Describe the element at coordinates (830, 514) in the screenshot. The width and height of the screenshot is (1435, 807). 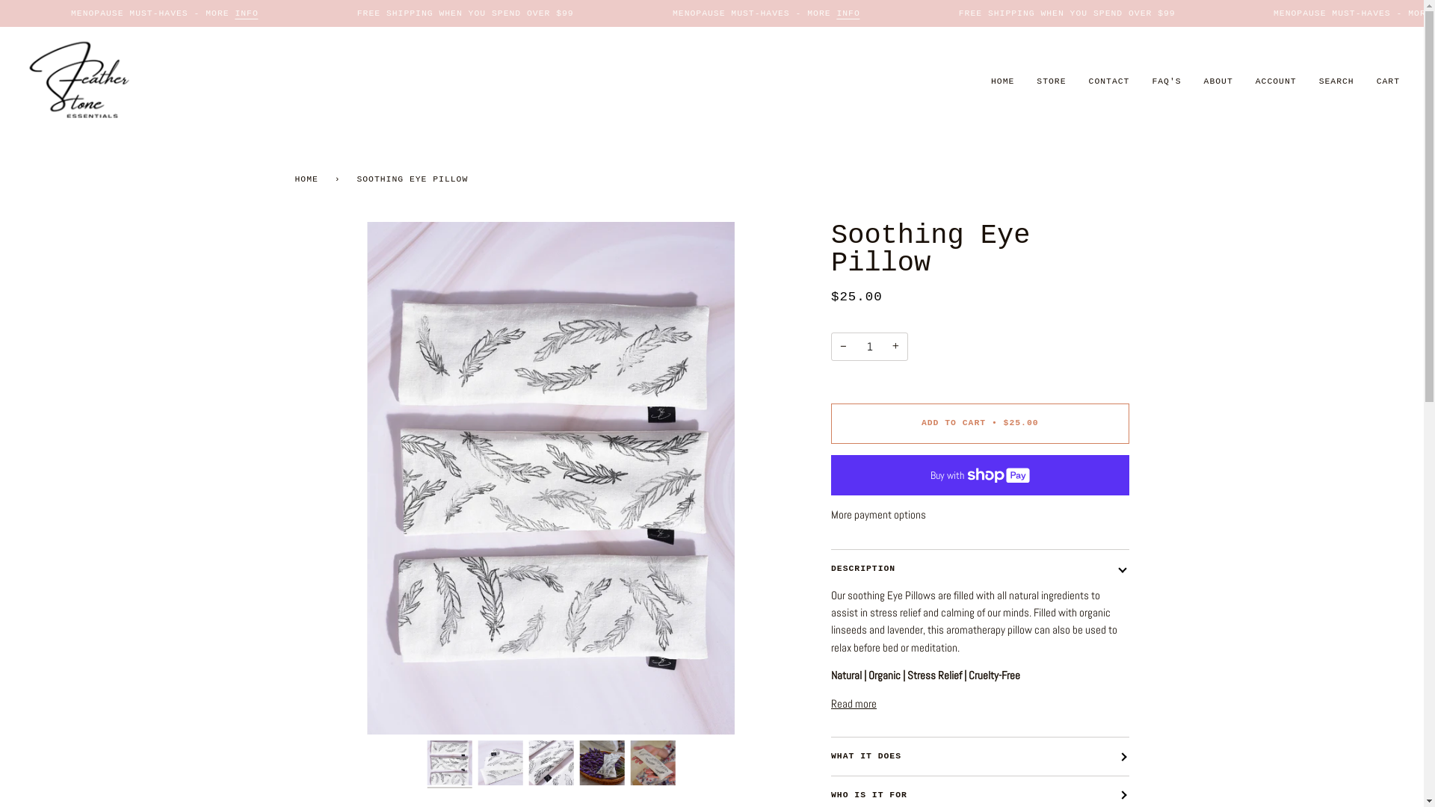
I see `'More payment options'` at that location.